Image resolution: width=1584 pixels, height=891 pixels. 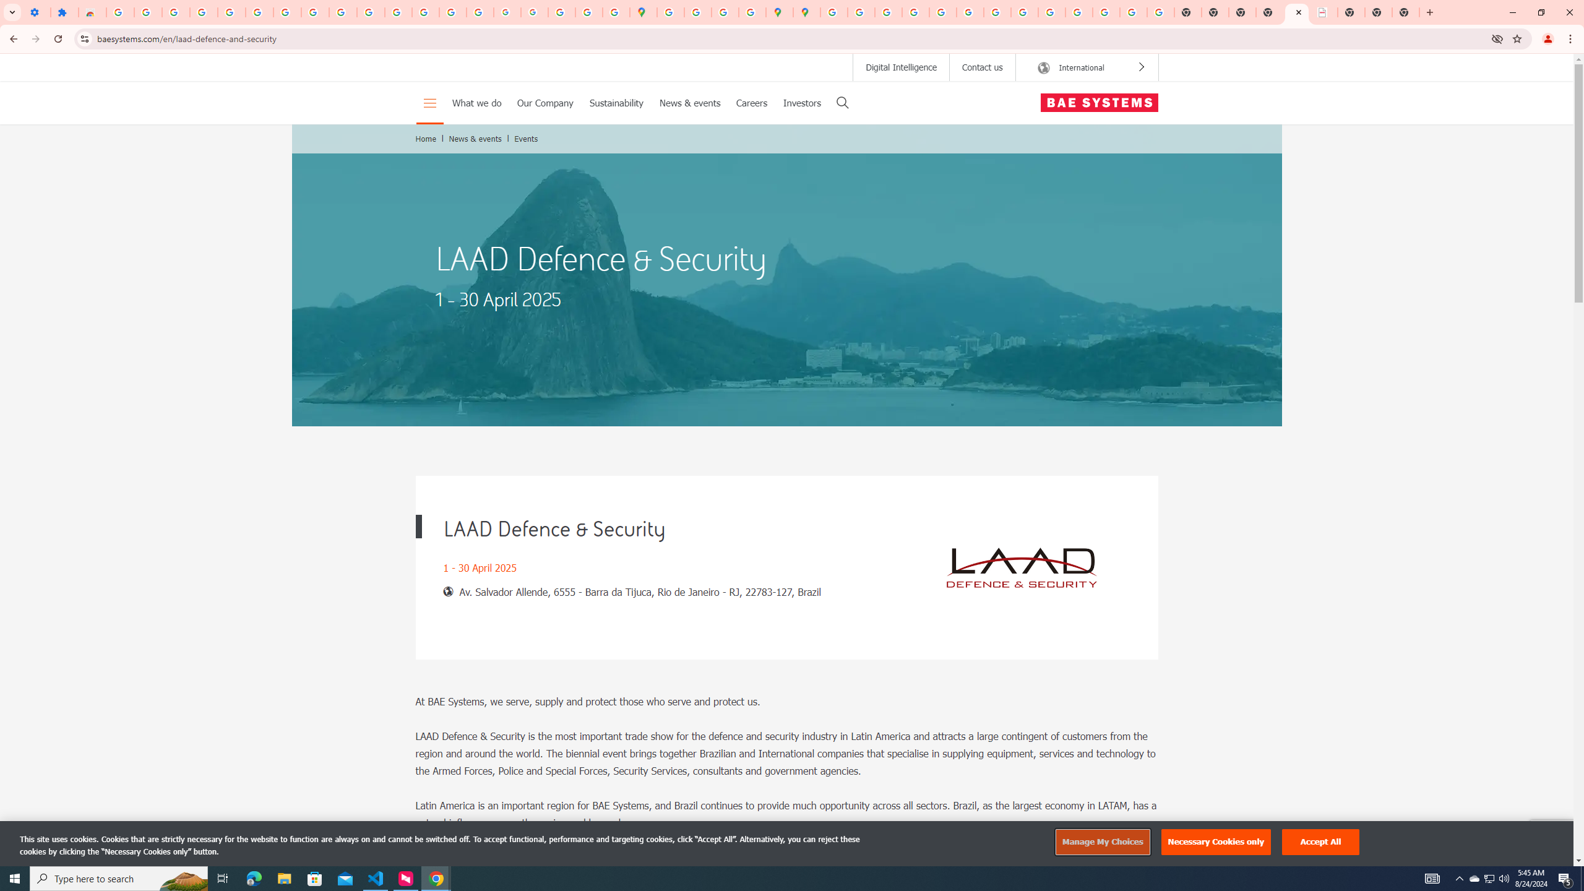 I want to click on 'To get missing image descriptions, open the context menu.', so click(x=1021, y=567).